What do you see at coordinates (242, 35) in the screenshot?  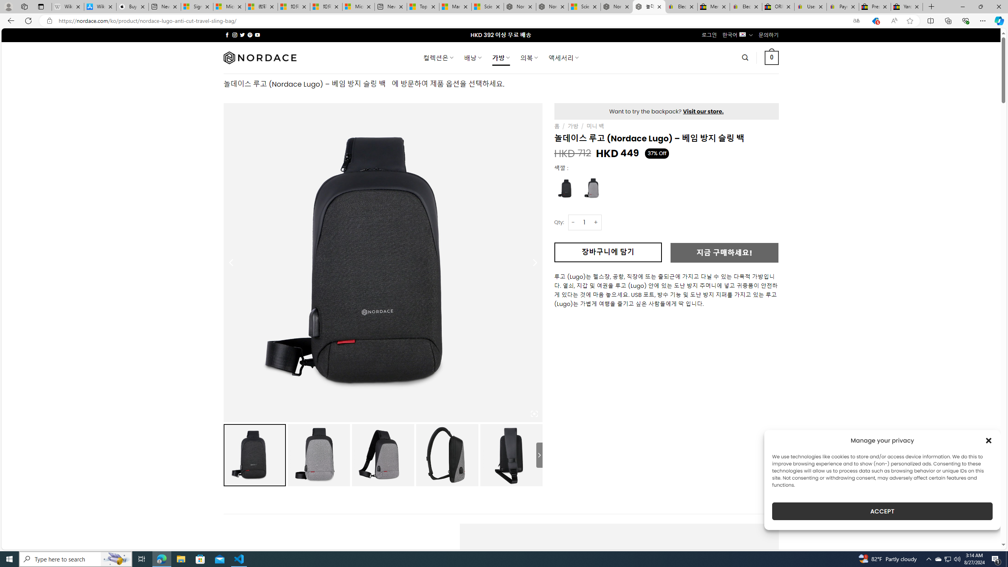 I see `'Follow on Twitter'` at bounding box center [242, 35].